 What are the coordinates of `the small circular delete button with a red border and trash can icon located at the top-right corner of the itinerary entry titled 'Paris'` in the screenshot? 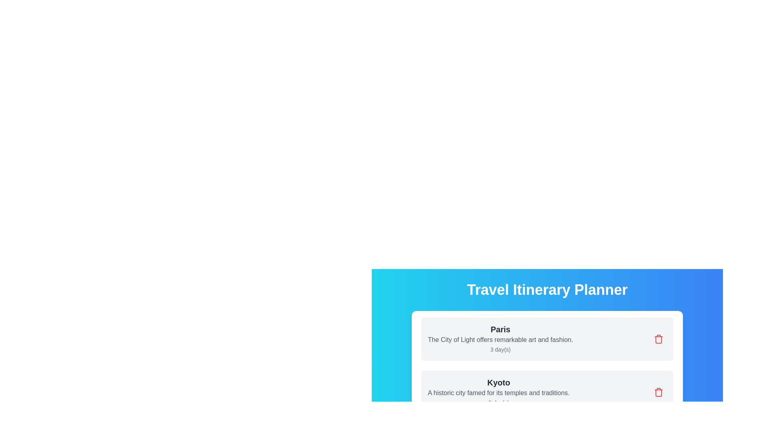 It's located at (659, 339).